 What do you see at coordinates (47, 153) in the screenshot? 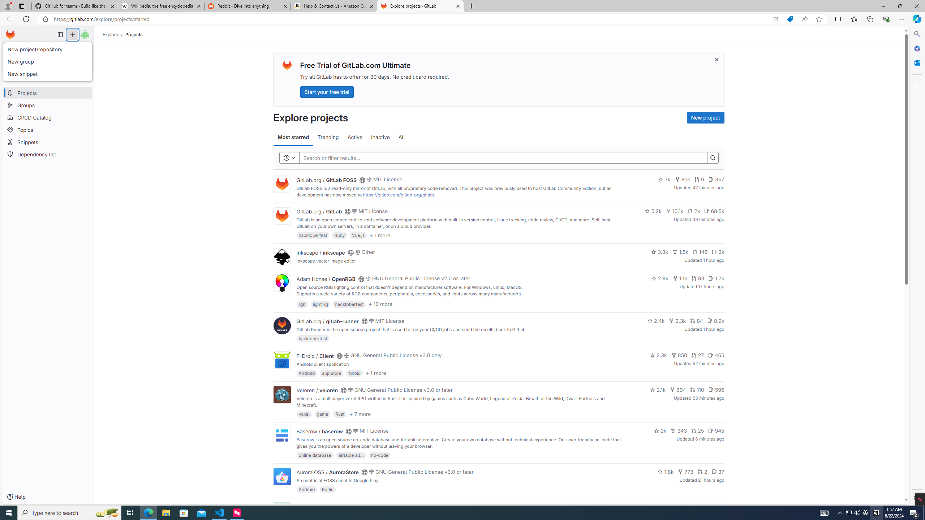
I see `'Dependency list'` at bounding box center [47, 153].